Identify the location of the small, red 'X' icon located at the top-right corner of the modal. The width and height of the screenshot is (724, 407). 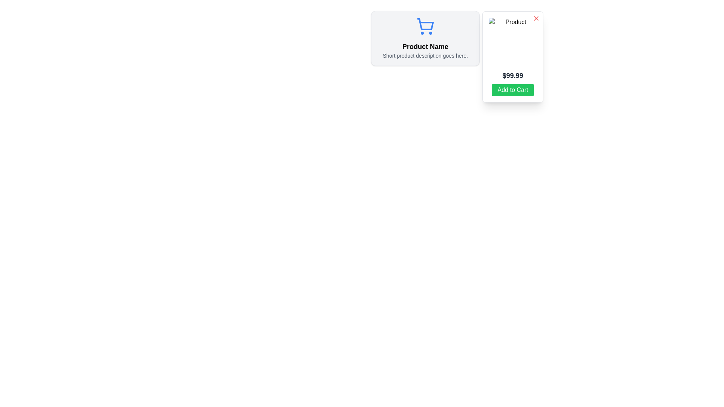
(535, 18).